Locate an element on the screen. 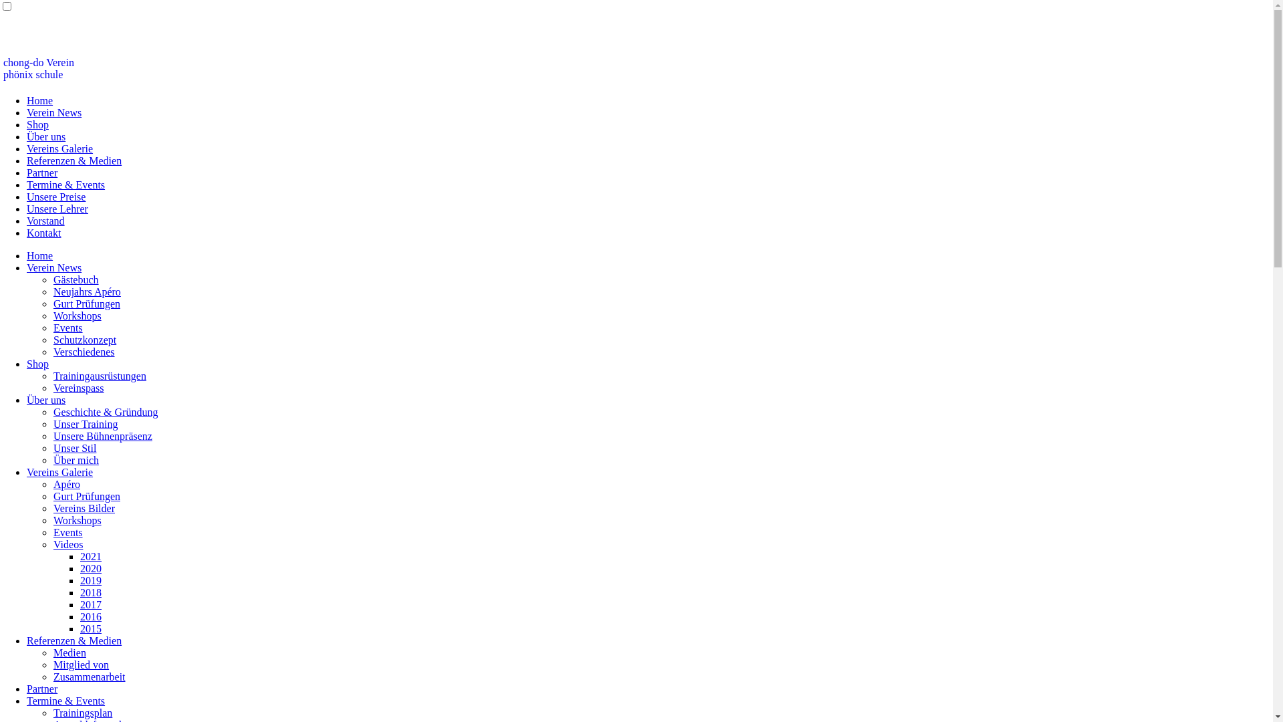 This screenshot has height=722, width=1283. 'Home' is located at coordinates (39, 100).